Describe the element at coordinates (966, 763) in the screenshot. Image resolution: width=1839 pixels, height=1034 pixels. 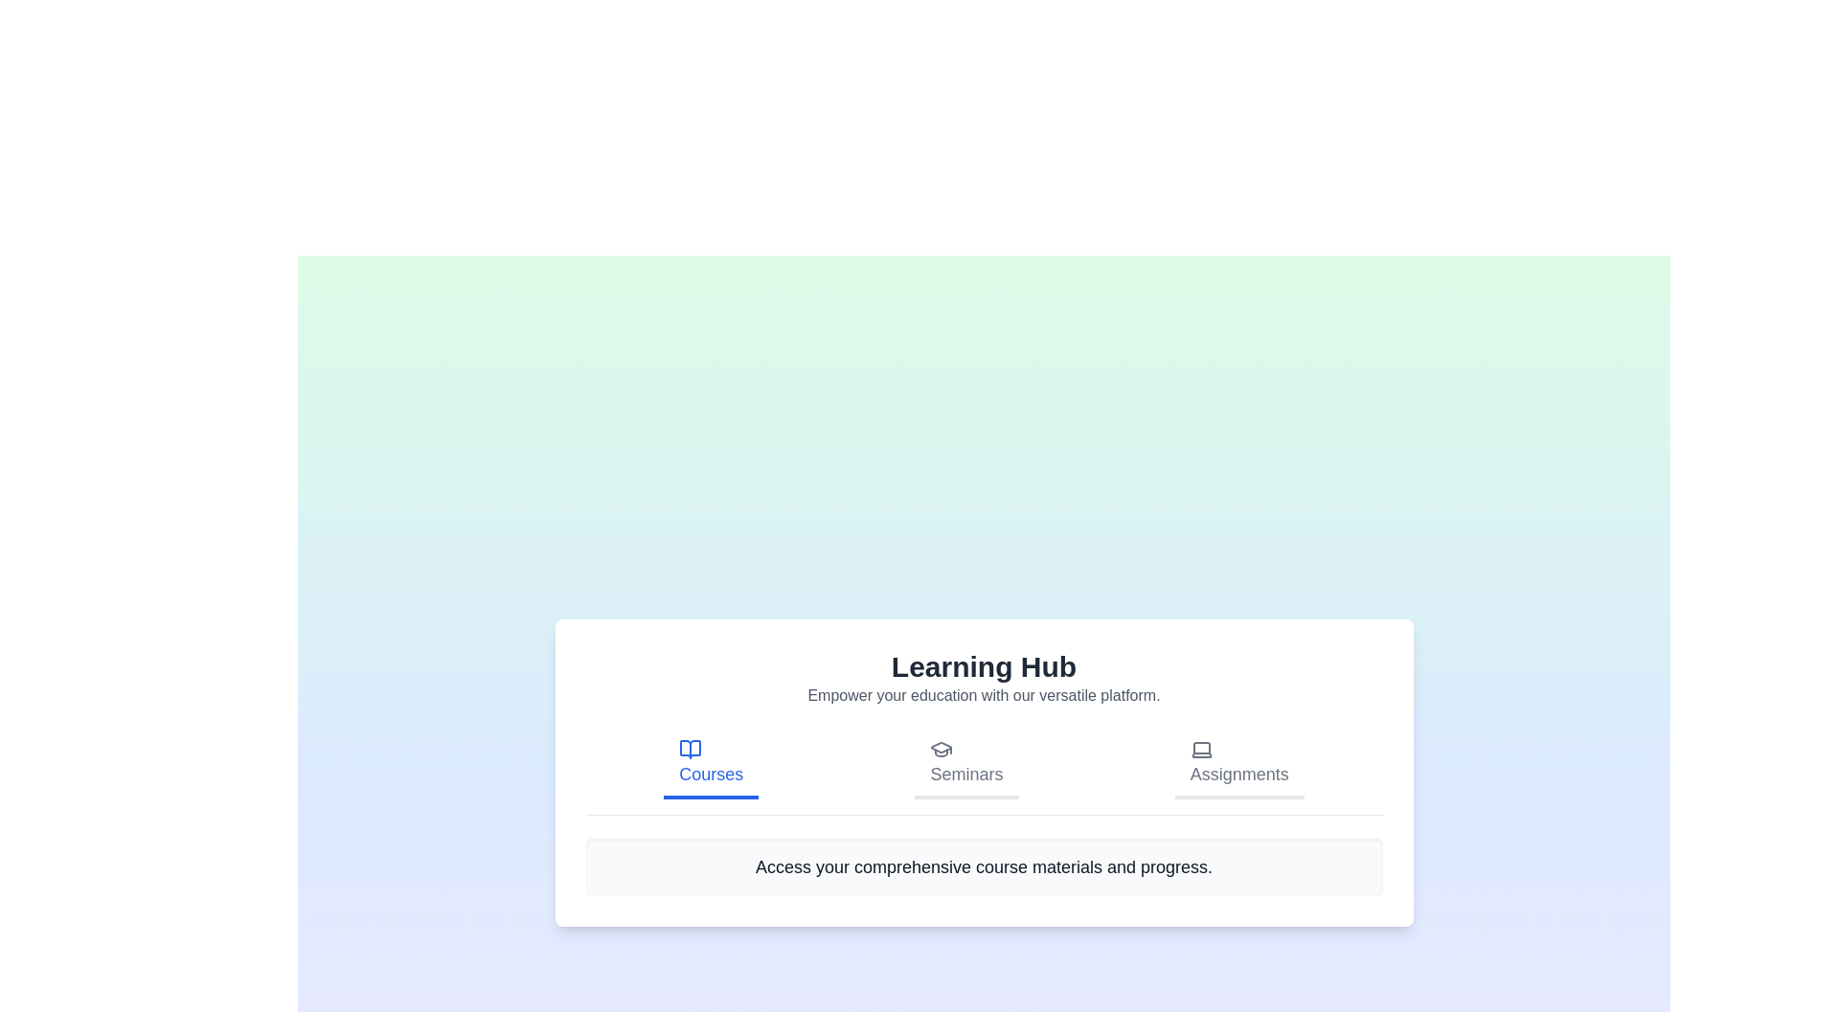
I see `the 'Seminars' navigation link` at that location.